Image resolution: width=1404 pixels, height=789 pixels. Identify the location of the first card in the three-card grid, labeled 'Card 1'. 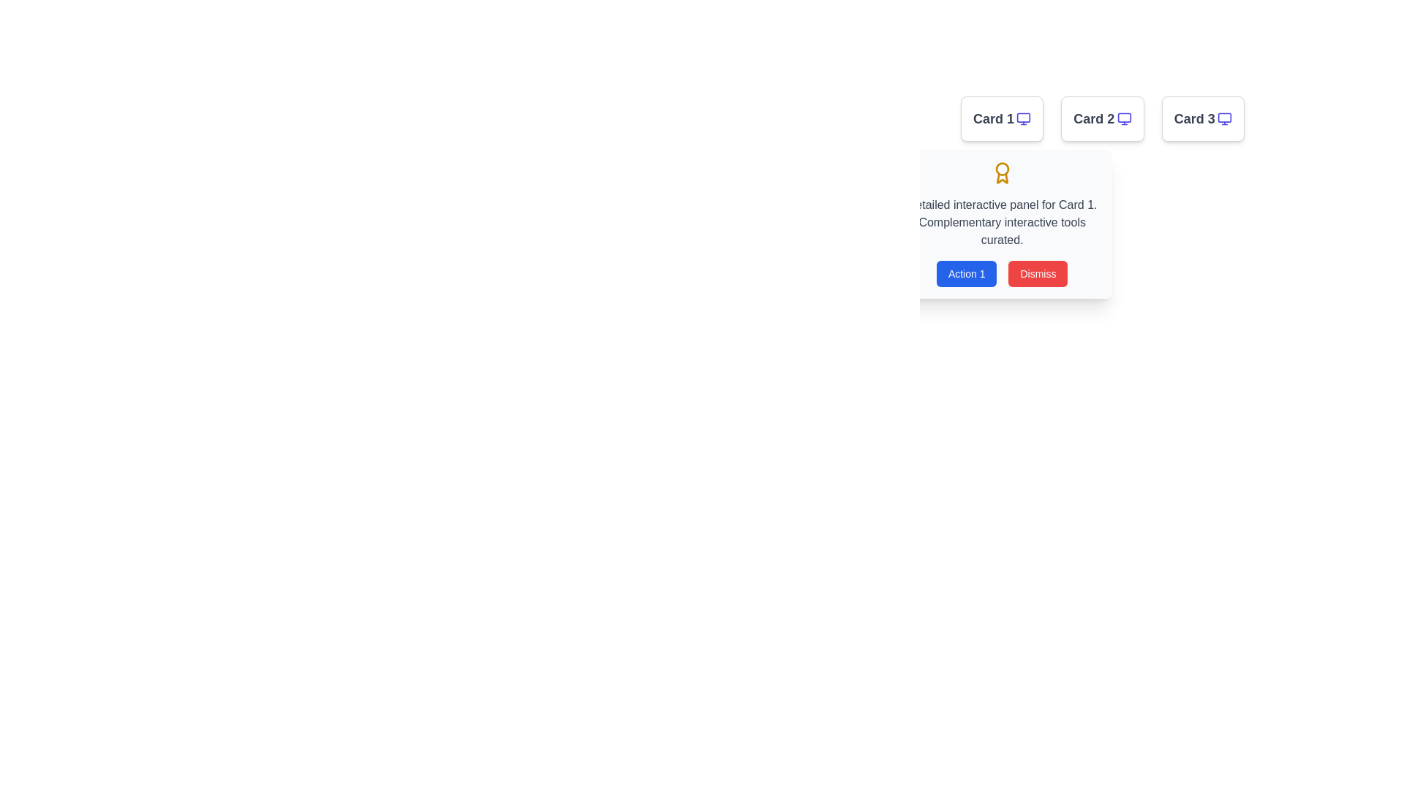
(1001, 118).